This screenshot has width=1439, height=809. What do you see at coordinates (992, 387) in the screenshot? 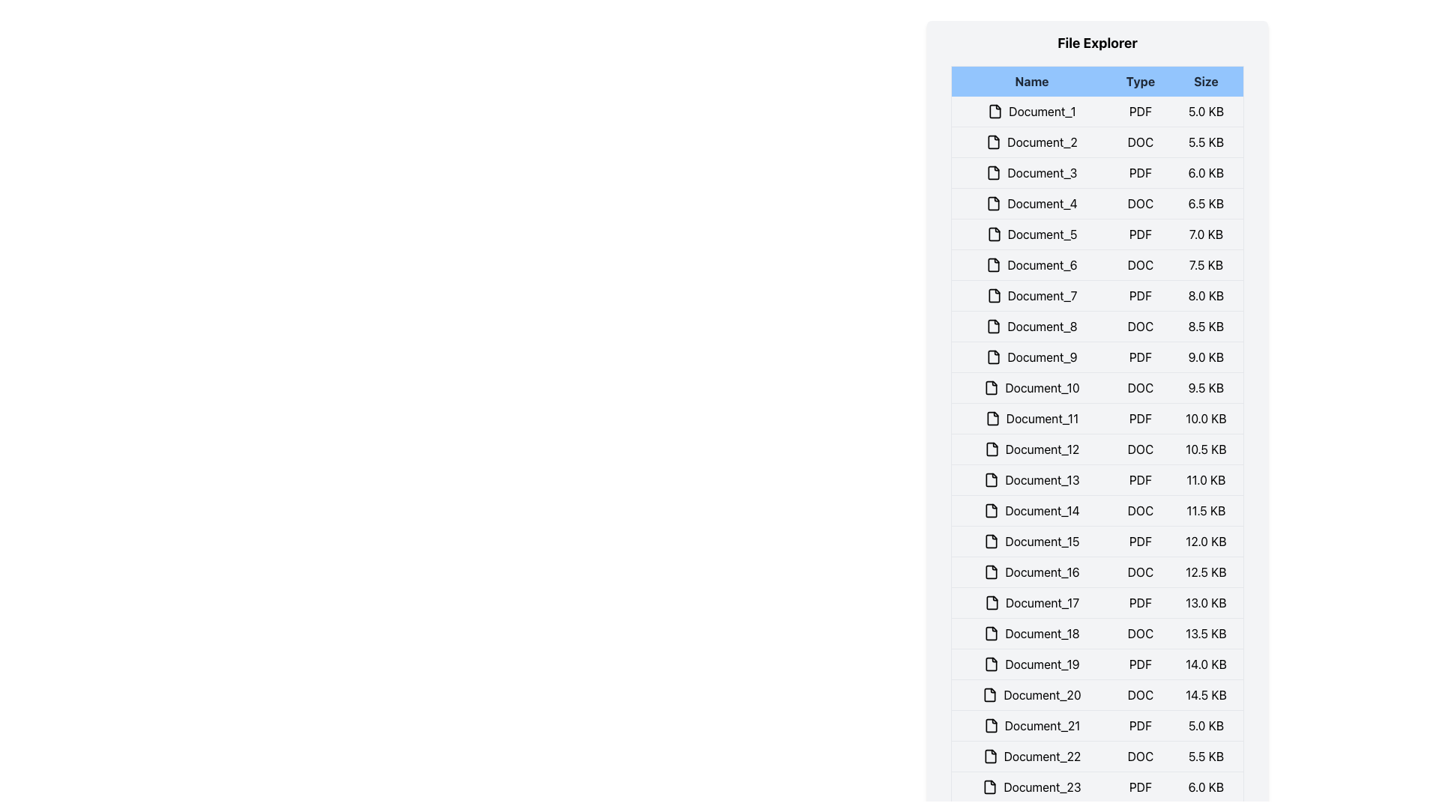
I see `the visual representation of the file document icon, which is the first icon in the vertically aligned list of file entries, located to the left of 'Document_10'` at bounding box center [992, 387].